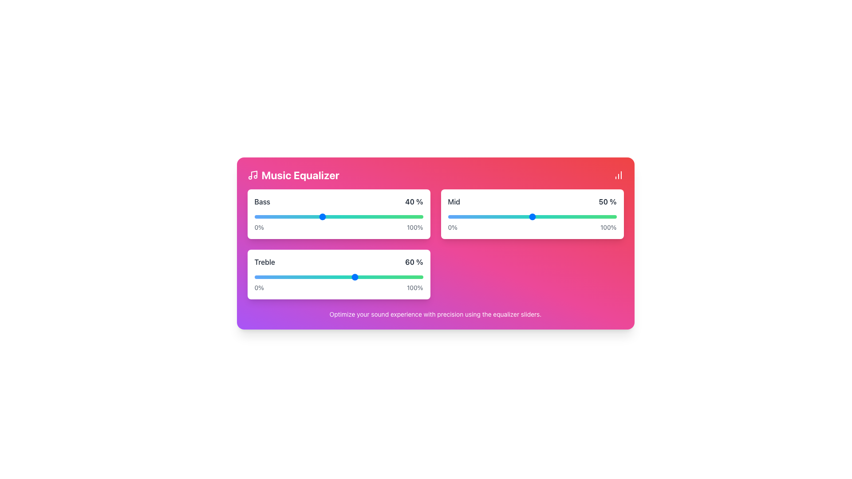 This screenshot has width=852, height=479. Describe the element at coordinates (307, 217) in the screenshot. I see `the bass equalizer` at that location.